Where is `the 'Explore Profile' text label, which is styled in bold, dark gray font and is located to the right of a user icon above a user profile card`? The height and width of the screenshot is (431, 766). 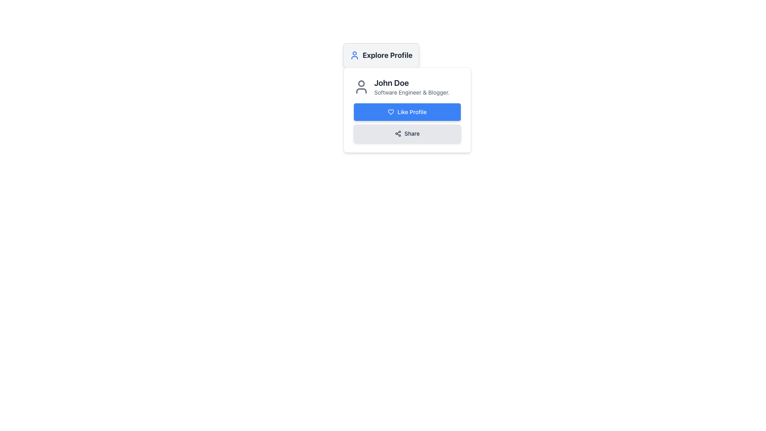
the 'Explore Profile' text label, which is styled in bold, dark gray font and is located to the right of a user icon above a user profile card is located at coordinates (387, 55).